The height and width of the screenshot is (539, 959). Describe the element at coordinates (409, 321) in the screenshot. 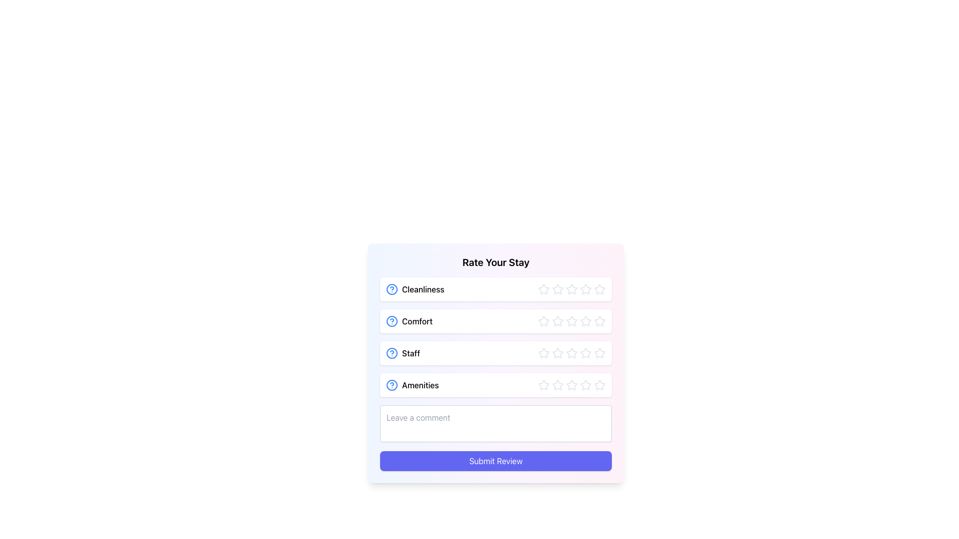

I see `the 'Comfort' label with icon in the user rating section` at that location.